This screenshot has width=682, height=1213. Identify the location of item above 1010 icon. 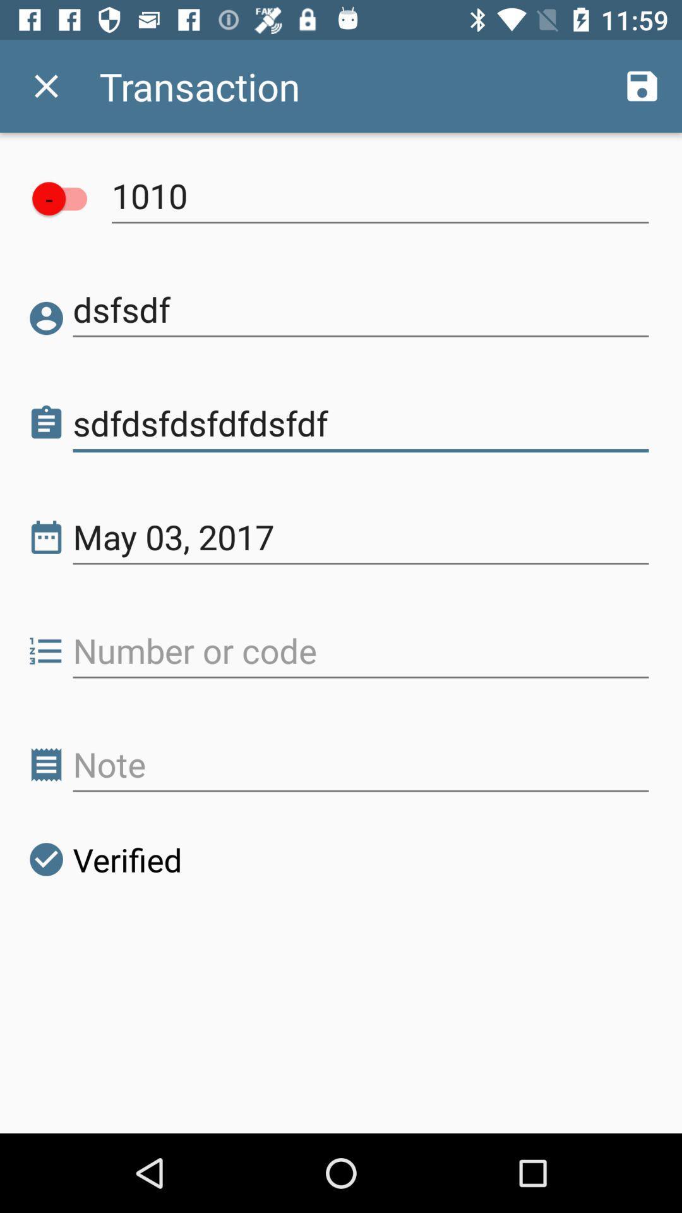
(642, 85).